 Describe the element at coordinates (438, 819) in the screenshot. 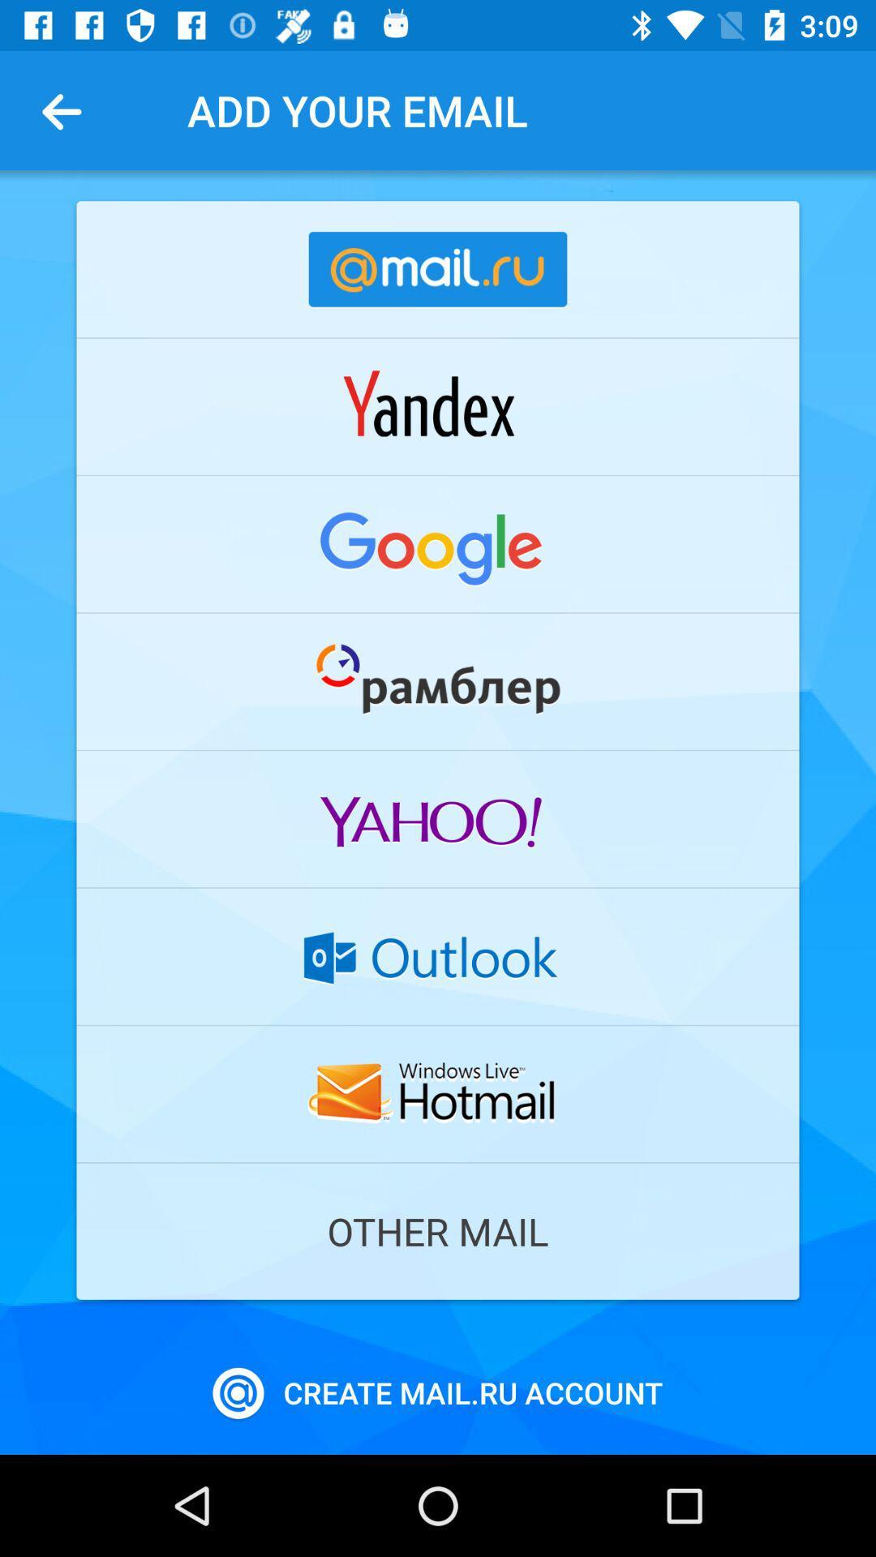

I see `click yahoo` at that location.